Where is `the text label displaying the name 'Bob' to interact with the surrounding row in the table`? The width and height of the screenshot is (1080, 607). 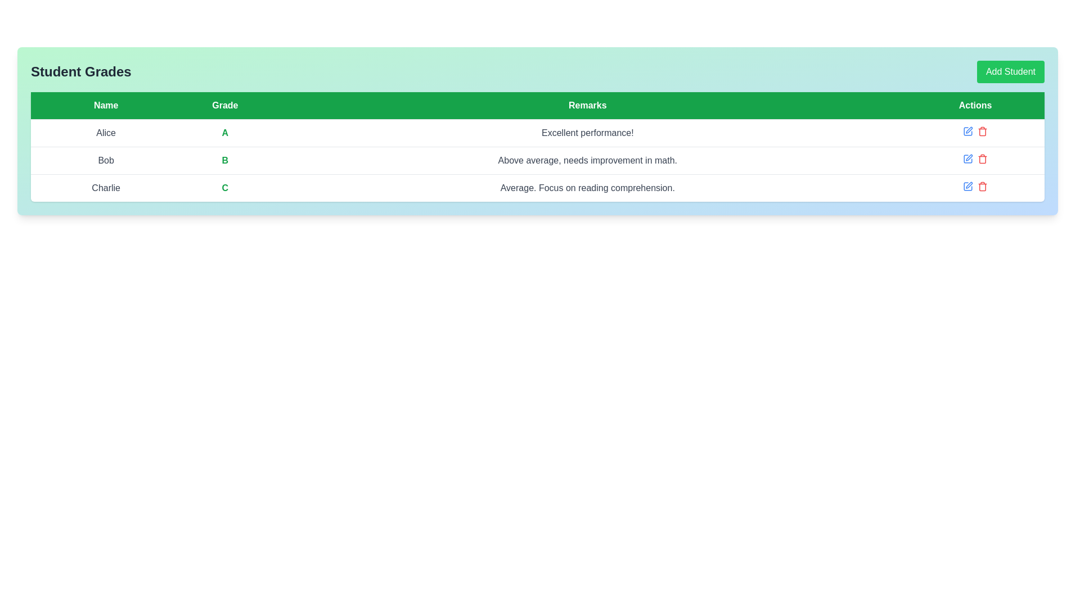
the text label displaying the name 'Bob' to interact with the surrounding row in the table is located at coordinates (106, 160).